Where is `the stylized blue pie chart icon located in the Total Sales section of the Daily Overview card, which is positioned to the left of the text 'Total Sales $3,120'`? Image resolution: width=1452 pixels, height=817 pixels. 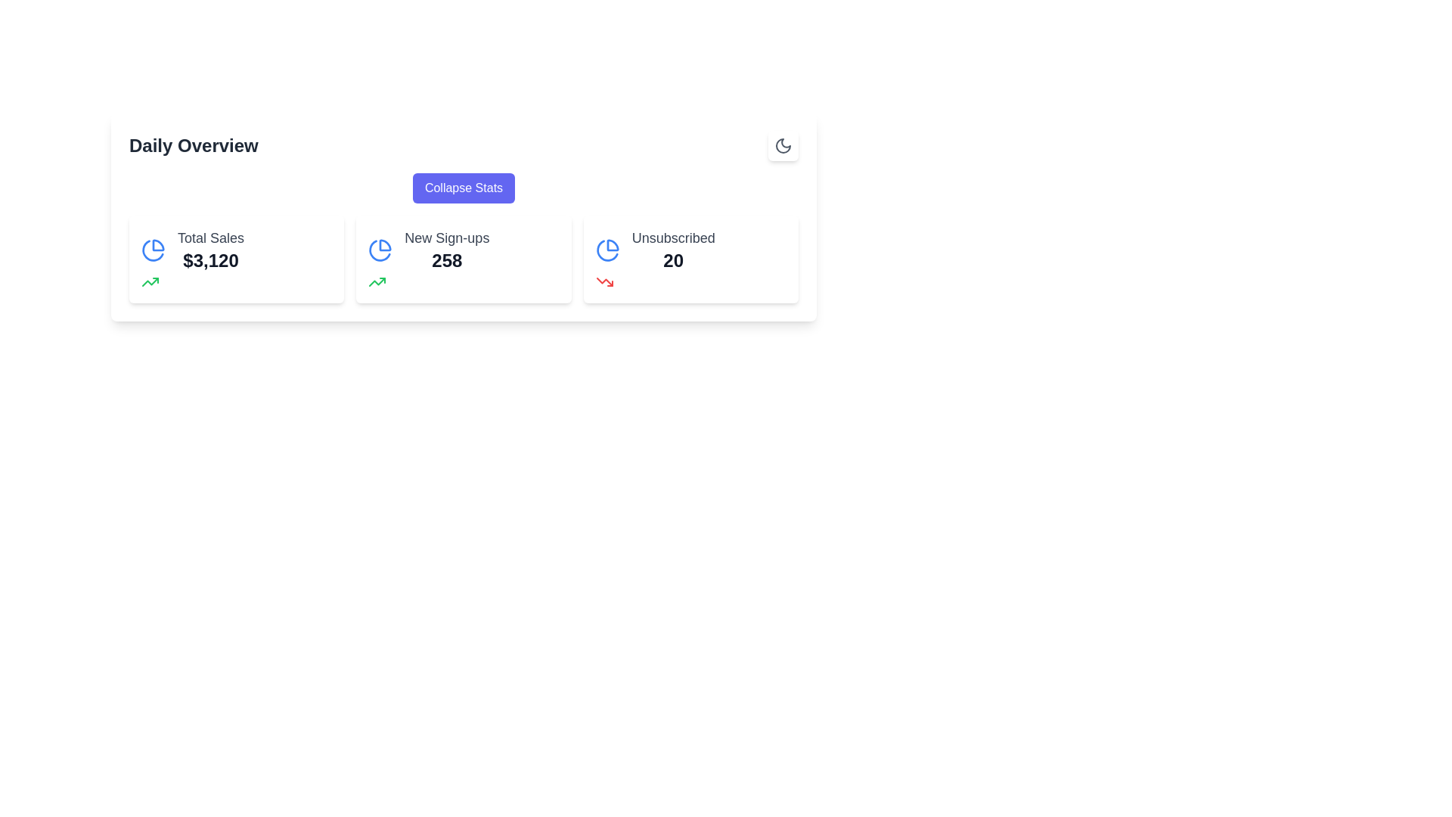
the stylized blue pie chart icon located in the Total Sales section of the Daily Overview card, which is positioned to the left of the text 'Total Sales $3,120' is located at coordinates (153, 250).